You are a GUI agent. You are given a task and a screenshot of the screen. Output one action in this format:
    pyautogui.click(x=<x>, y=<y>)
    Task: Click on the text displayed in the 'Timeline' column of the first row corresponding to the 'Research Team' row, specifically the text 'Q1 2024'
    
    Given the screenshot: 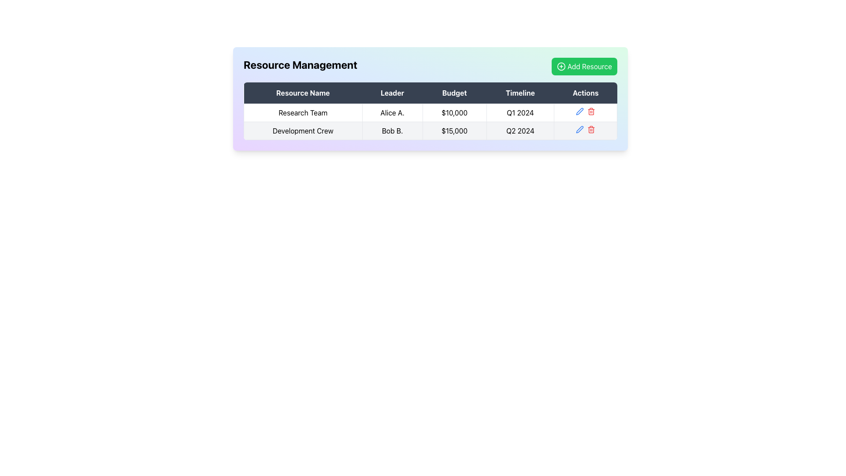 What is the action you would take?
    pyautogui.click(x=520, y=112)
    